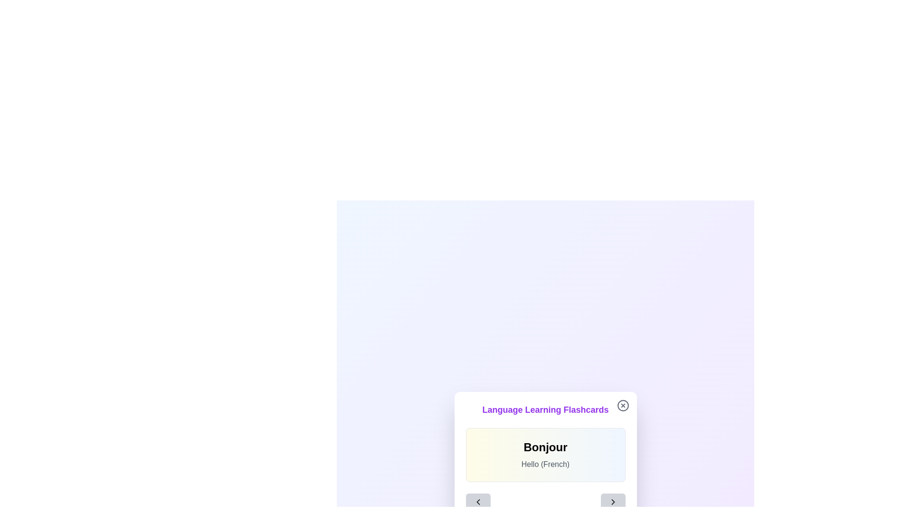 This screenshot has width=912, height=513. What do you see at coordinates (545, 409) in the screenshot?
I see `static text displaying 'Language Learning Flashcards' which is prominently styled in bold purple color, located at the center of the interface above the text 'BonjourHello (French).'` at bounding box center [545, 409].